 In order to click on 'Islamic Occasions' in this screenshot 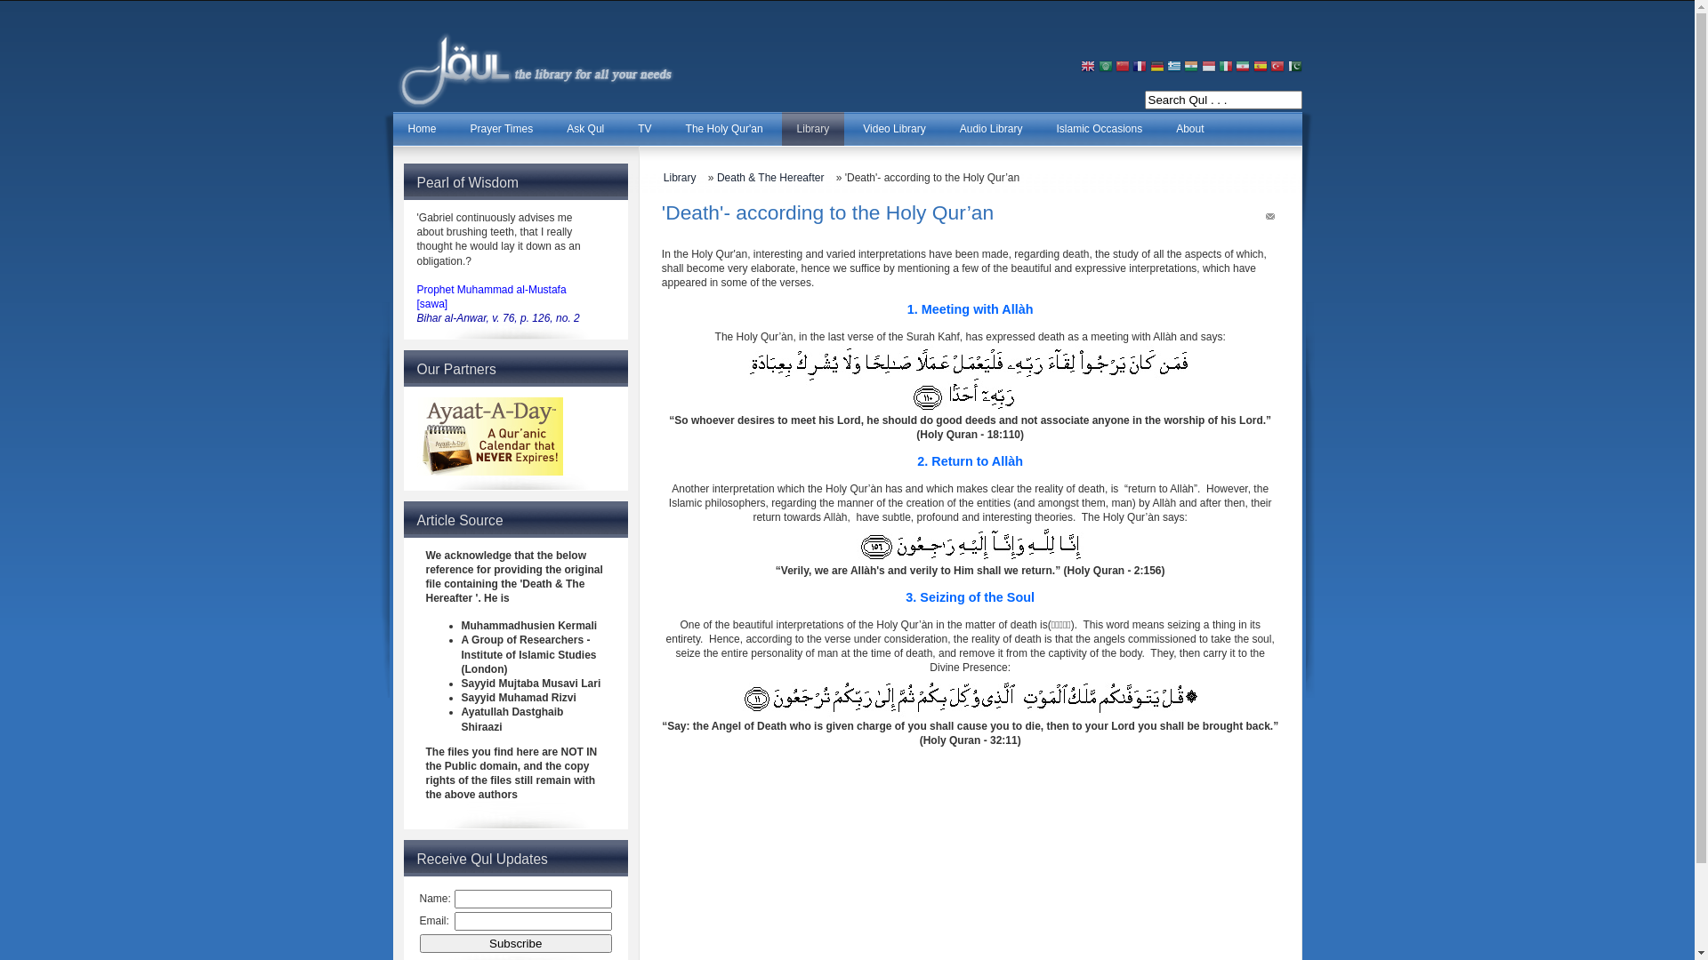, I will do `click(1098, 128)`.